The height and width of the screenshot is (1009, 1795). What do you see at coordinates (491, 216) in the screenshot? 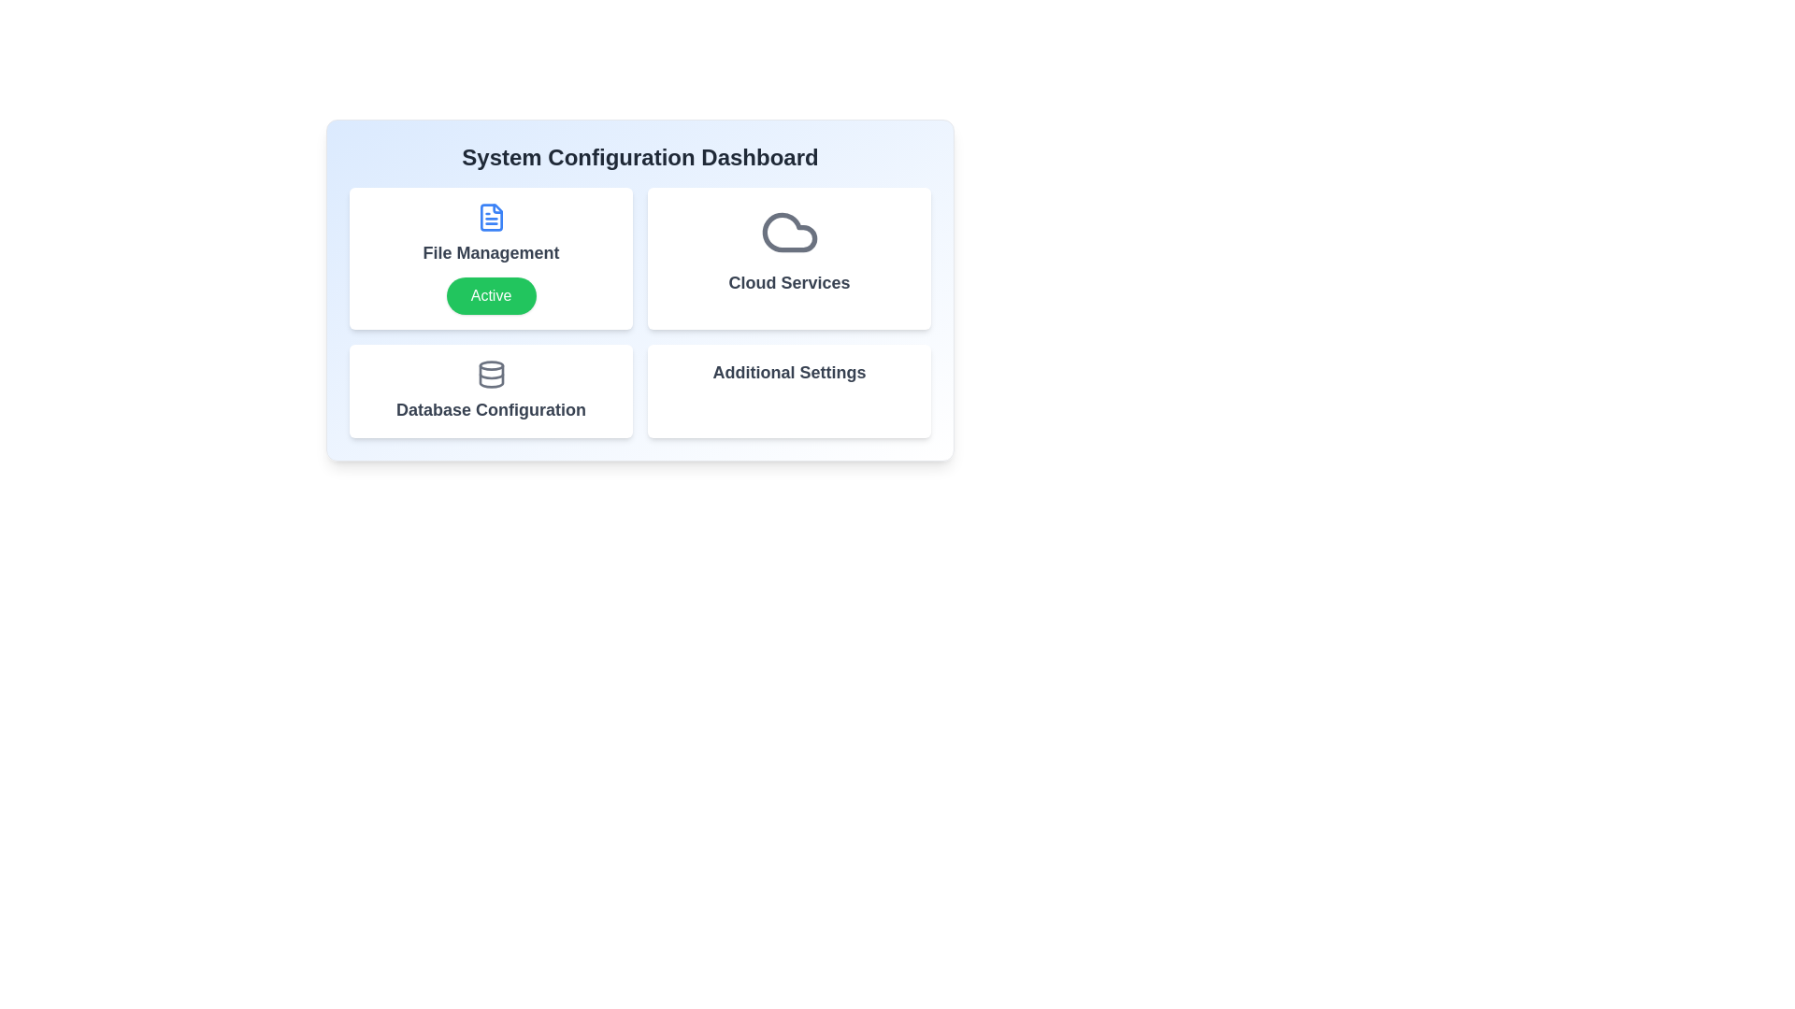
I see `the blue document outline icon featuring horizontal lines, located at the top-center of the 'File Management' card, for visual cues` at bounding box center [491, 216].